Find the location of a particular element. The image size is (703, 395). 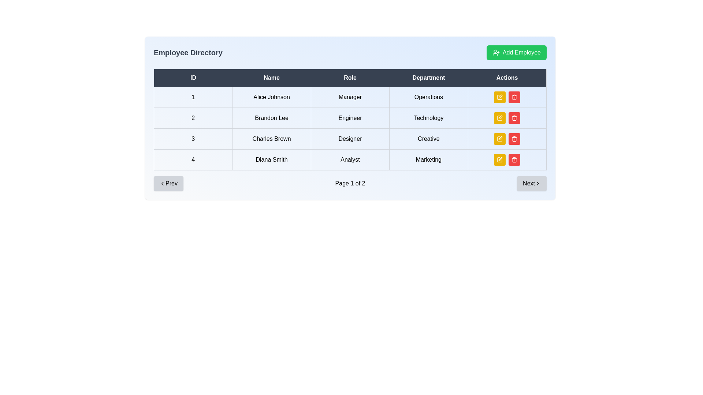

the pencil icon with a yellow background in the 'Actions' column next to the 'Delete' button for the first entry 'Alice Johnson' is located at coordinates (499, 97).